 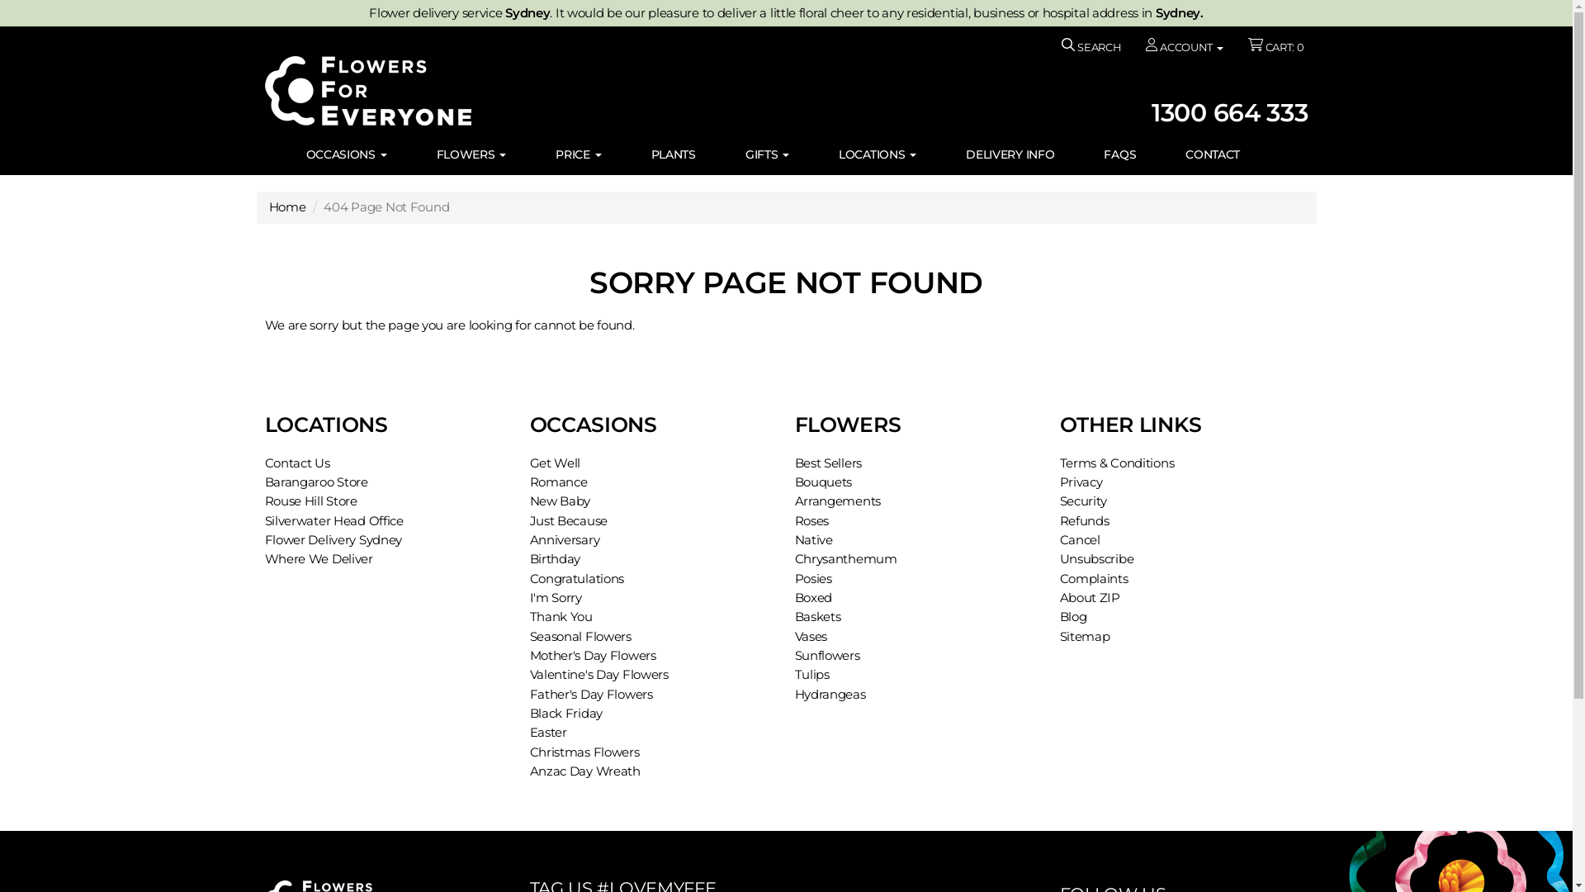 What do you see at coordinates (310, 500) in the screenshot?
I see `'Rouse Hill Store'` at bounding box center [310, 500].